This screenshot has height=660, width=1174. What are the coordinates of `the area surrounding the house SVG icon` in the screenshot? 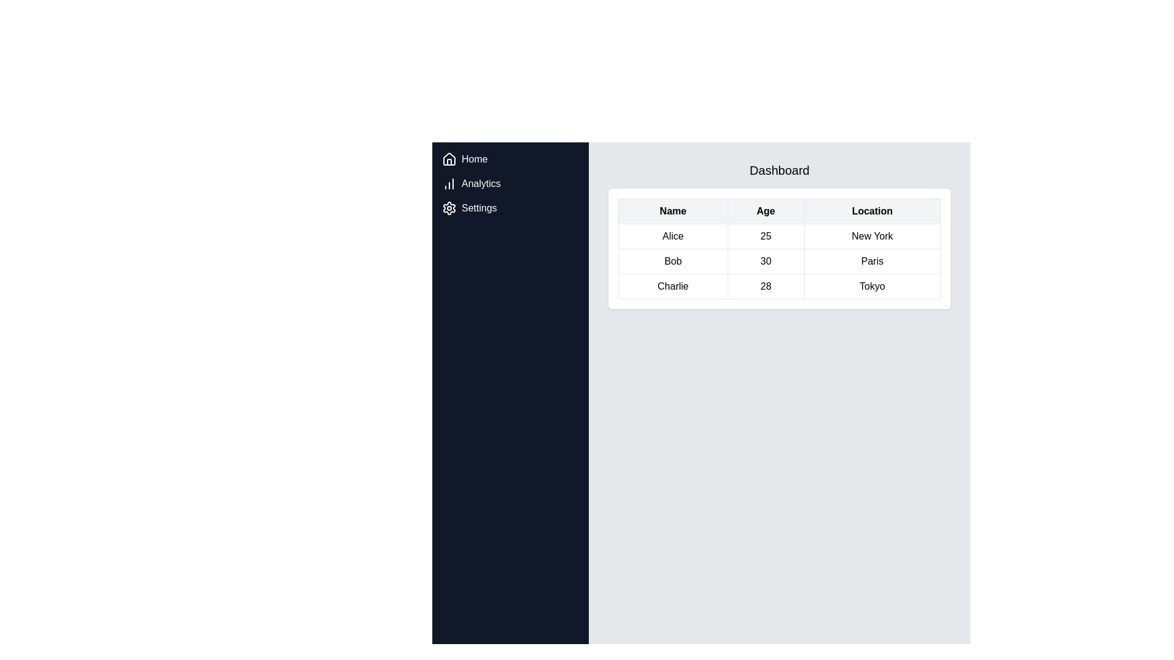 It's located at (448, 159).